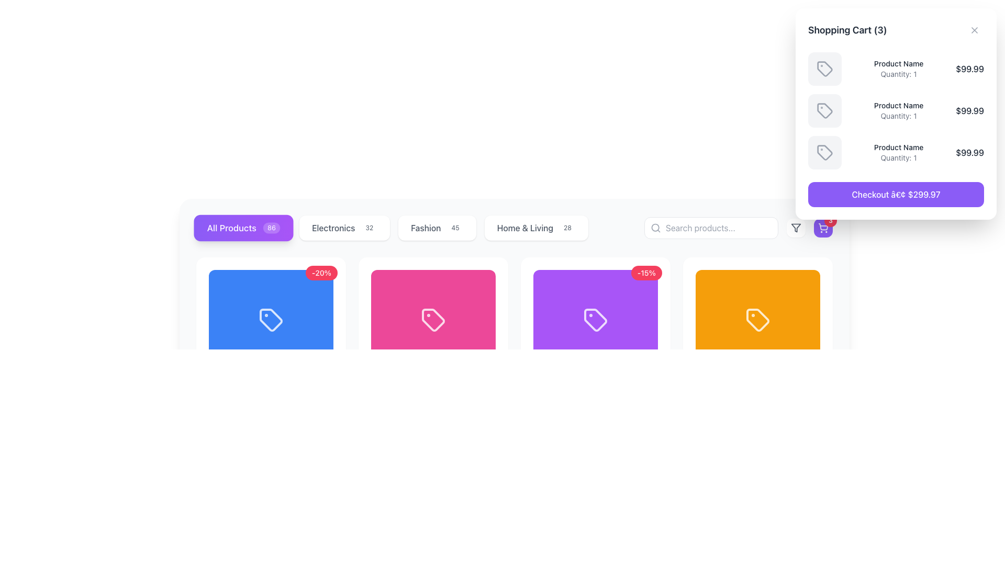 The width and height of the screenshot is (1005, 565). Describe the element at coordinates (898, 74) in the screenshot. I see `the text label displaying 'Quantity: 1', which is a small, grey-colored font located below the product name in the shopping cart modal` at that location.